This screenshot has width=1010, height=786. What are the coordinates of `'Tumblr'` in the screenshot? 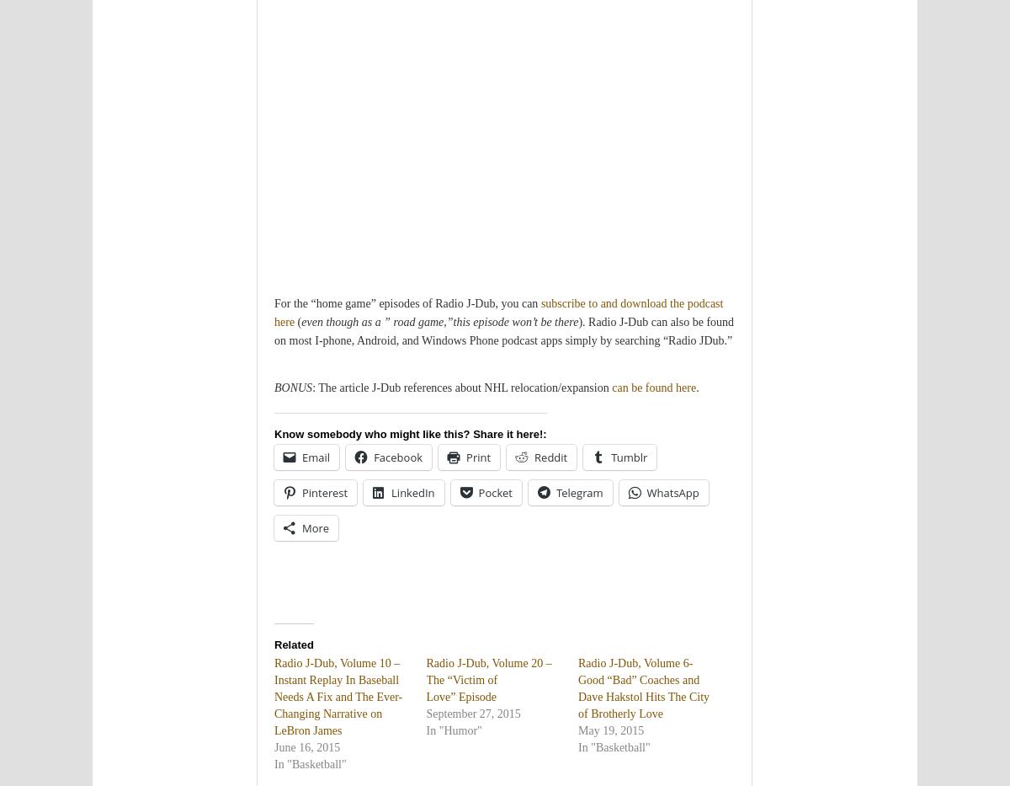 It's located at (629, 457).